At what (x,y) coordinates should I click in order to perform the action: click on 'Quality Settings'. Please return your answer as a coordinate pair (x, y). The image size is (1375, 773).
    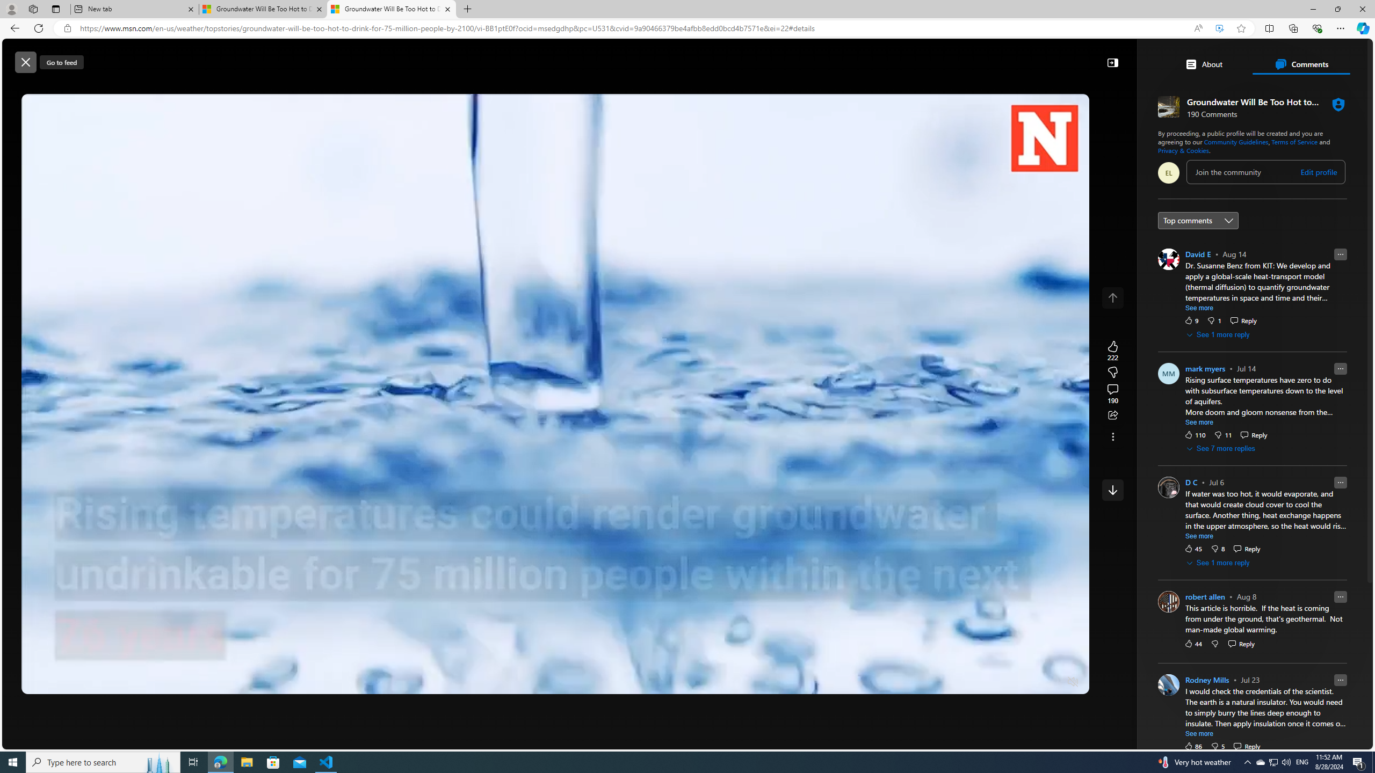
    Looking at the image, I should click on (1009, 682).